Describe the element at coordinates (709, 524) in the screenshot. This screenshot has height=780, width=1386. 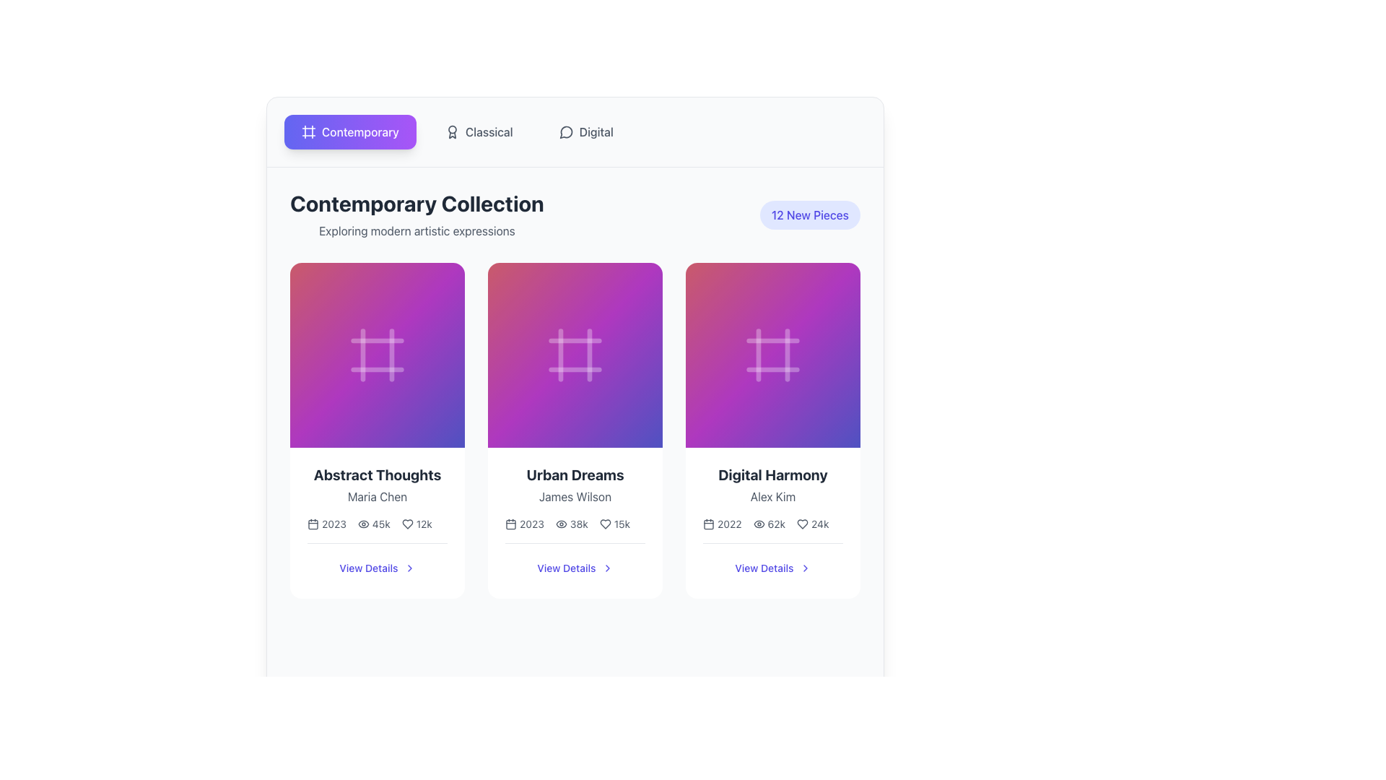
I see `the SVG rectangle located in the center of the calendar icon beside the year indicator '2022' under the 'Digital Harmony' card` at that location.